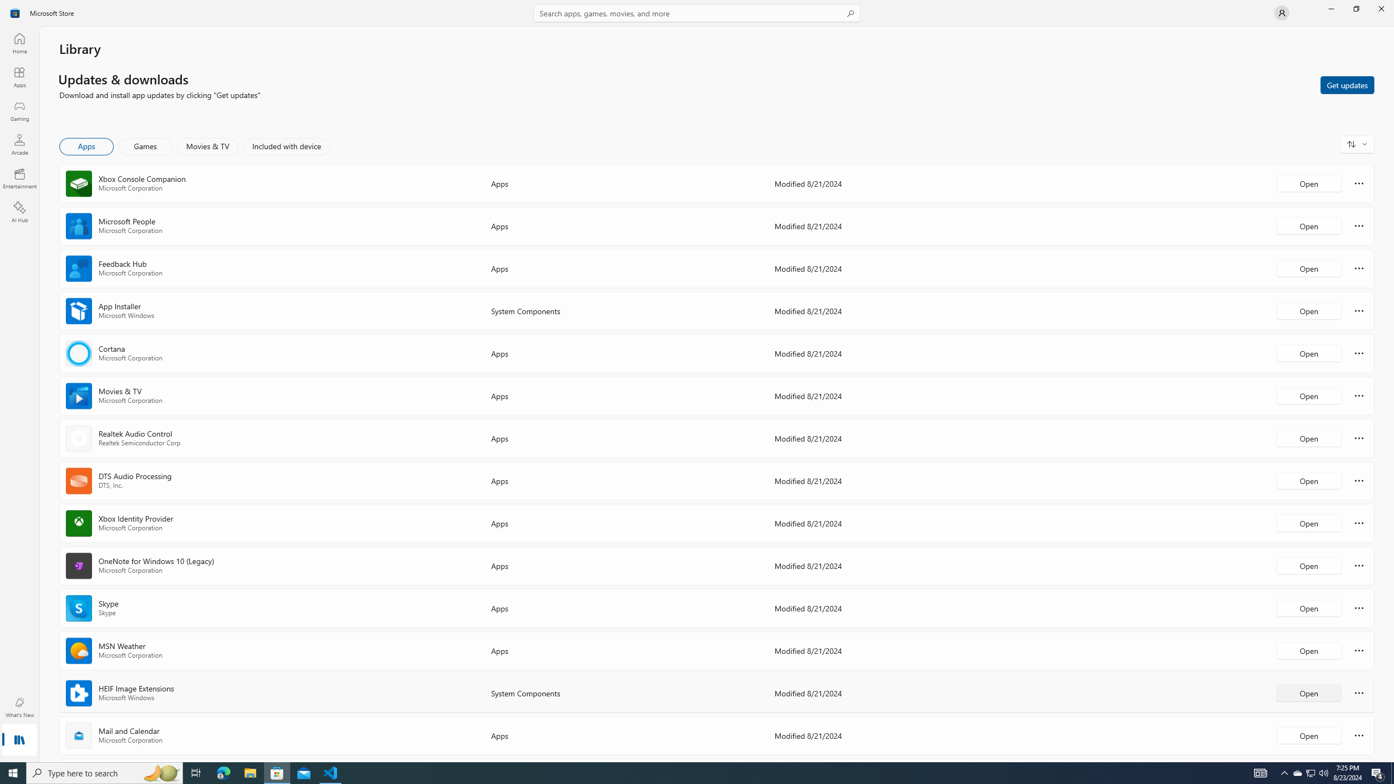  I want to click on 'Apps', so click(19, 77).